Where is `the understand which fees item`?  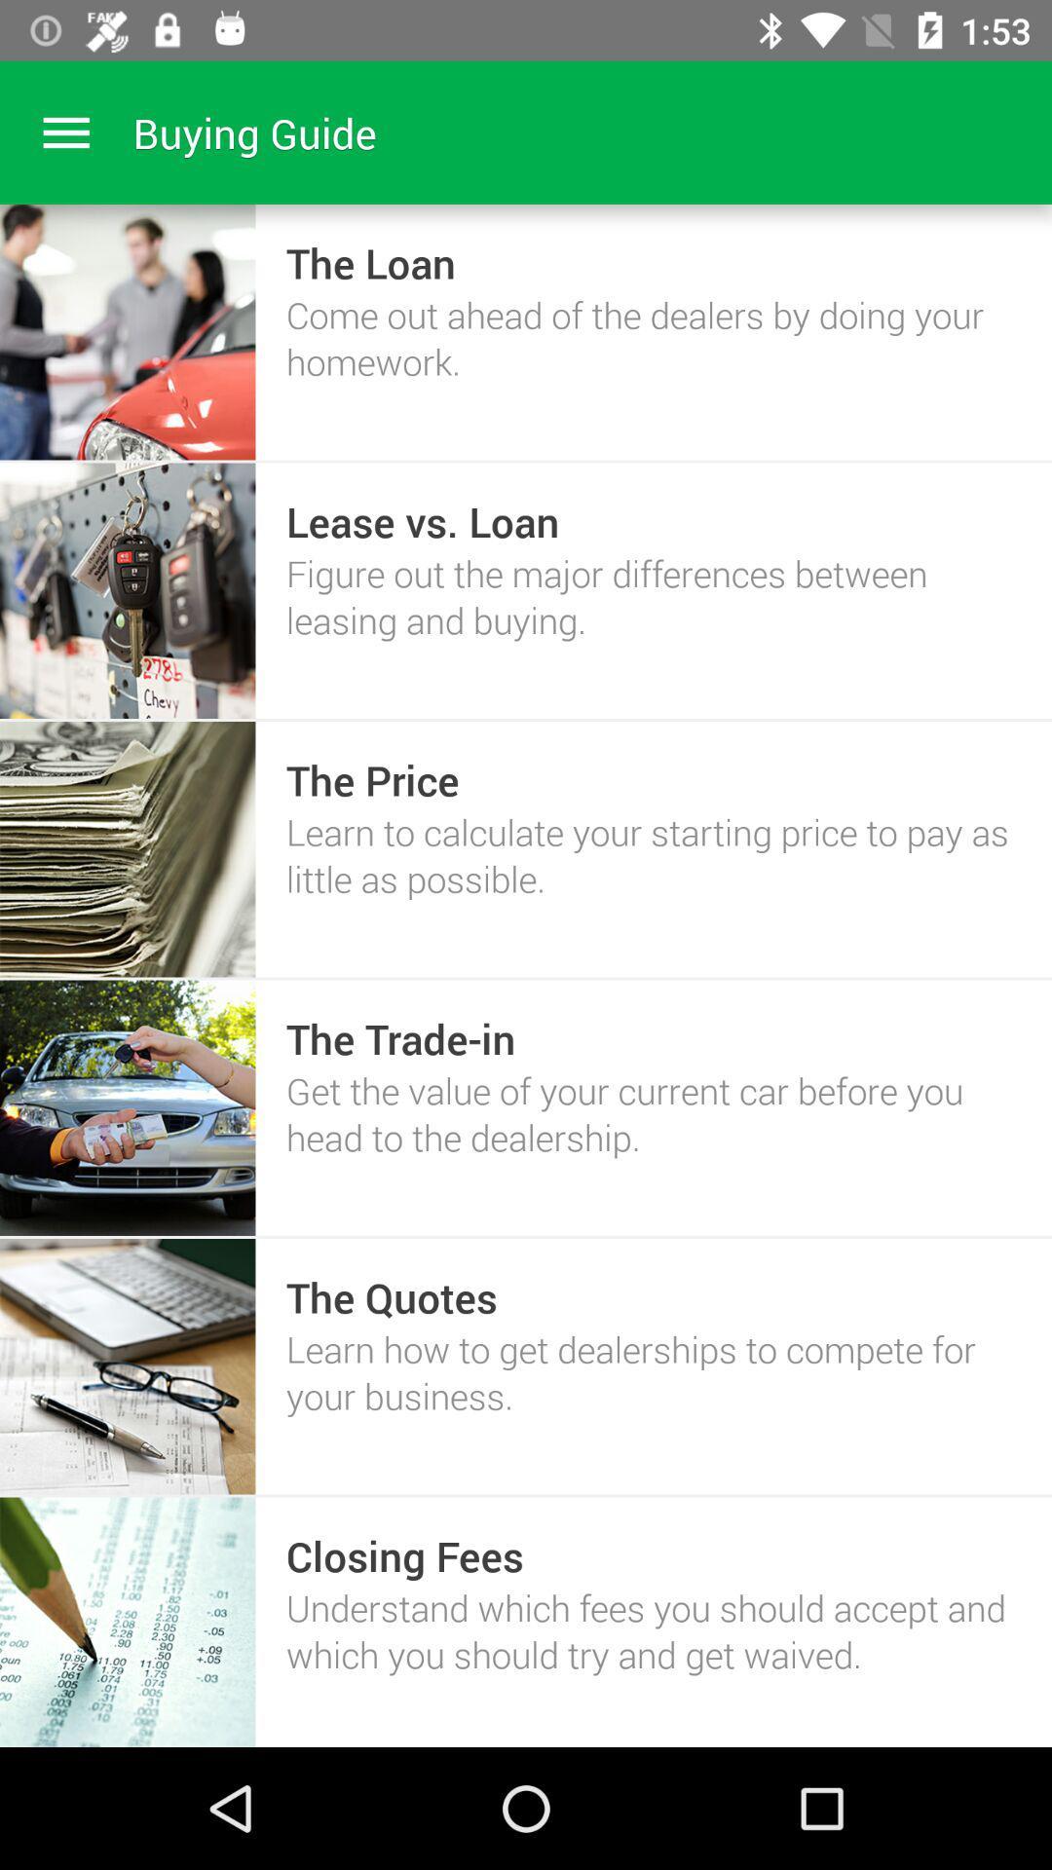
the understand which fees item is located at coordinates (654, 1630).